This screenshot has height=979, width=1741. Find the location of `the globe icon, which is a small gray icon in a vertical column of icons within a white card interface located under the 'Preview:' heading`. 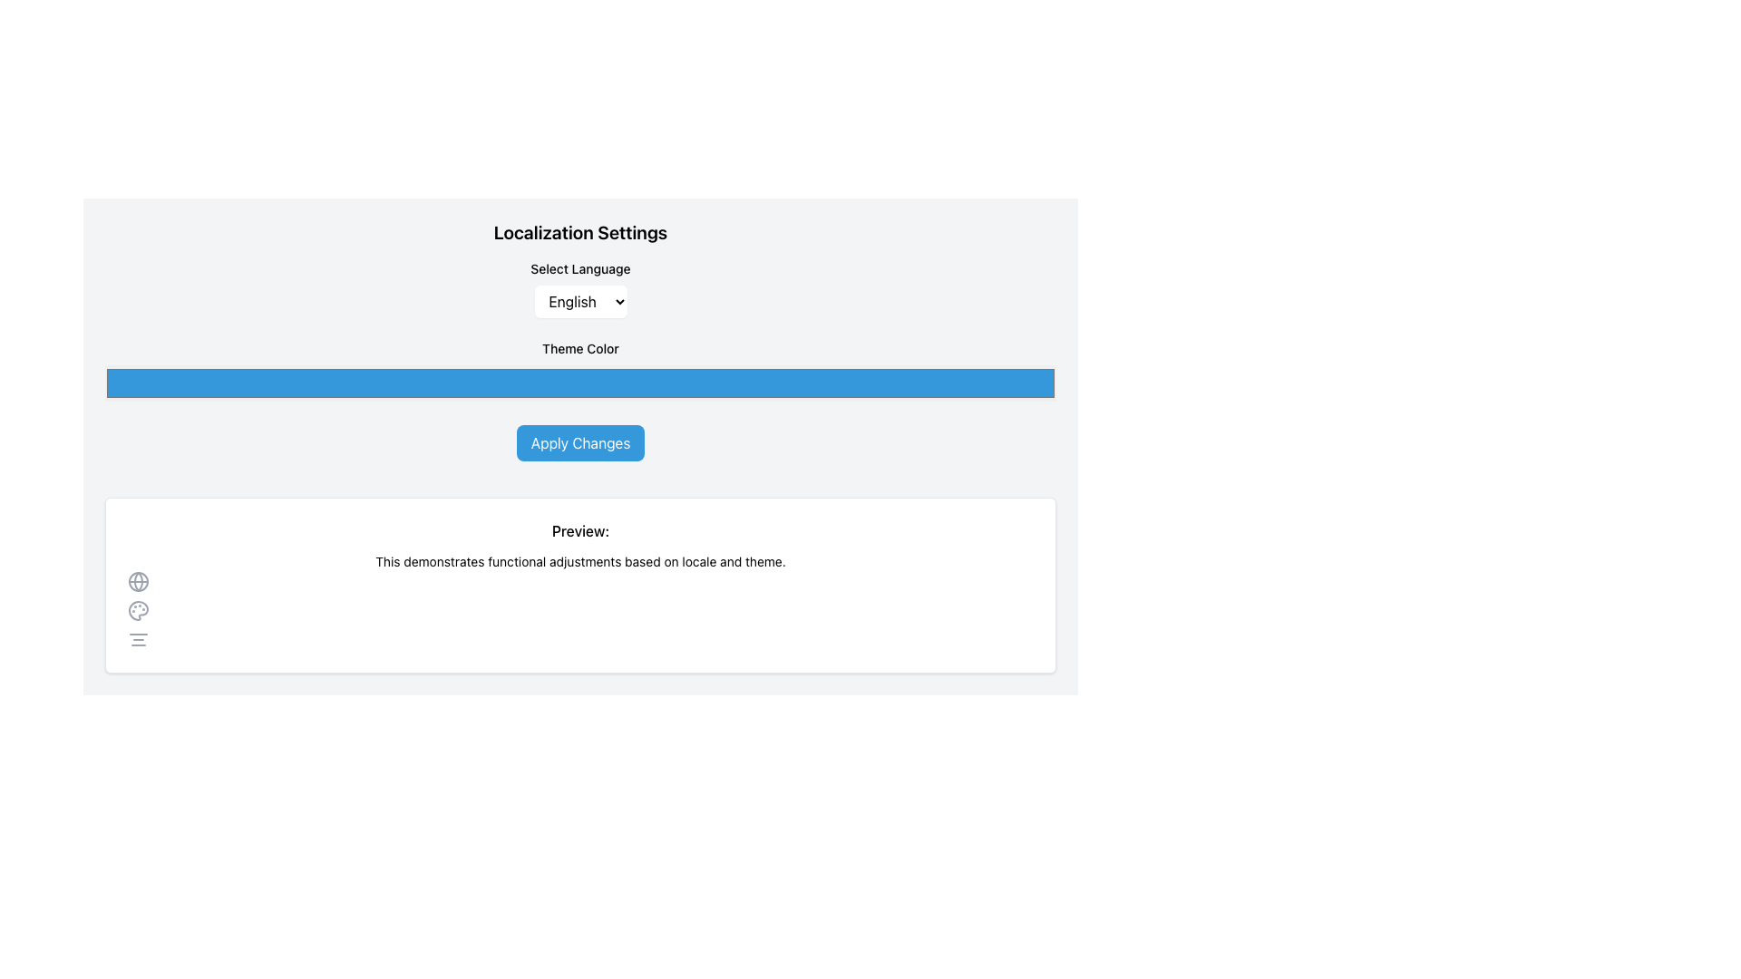

the globe icon, which is a small gray icon in a vertical column of icons within a white card interface located under the 'Preview:' heading is located at coordinates (138, 581).